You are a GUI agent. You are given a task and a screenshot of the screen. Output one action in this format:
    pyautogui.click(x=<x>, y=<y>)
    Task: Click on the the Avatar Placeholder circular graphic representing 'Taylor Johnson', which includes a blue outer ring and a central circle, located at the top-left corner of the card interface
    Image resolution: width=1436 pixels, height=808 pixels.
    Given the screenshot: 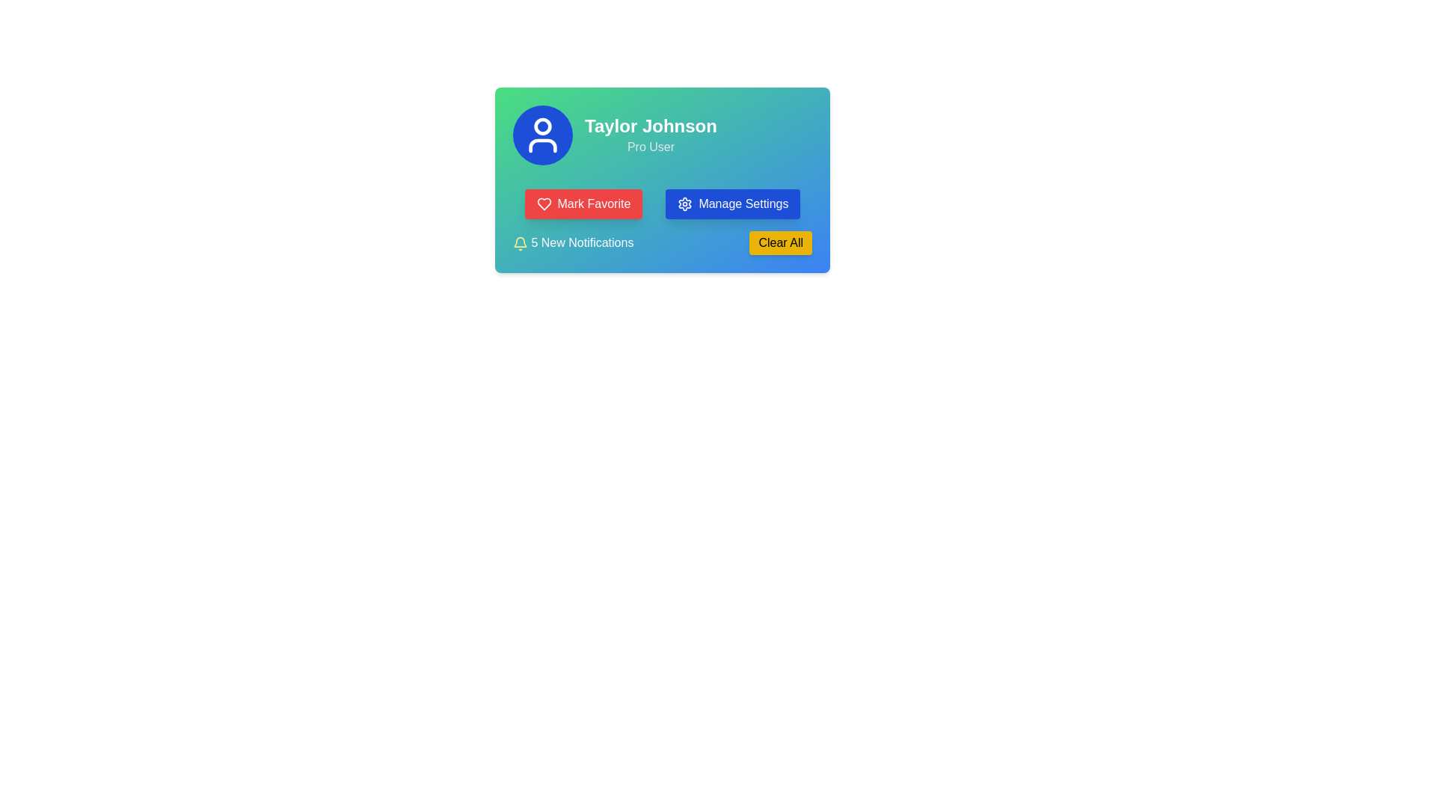 What is the action you would take?
    pyautogui.click(x=541, y=126)
    